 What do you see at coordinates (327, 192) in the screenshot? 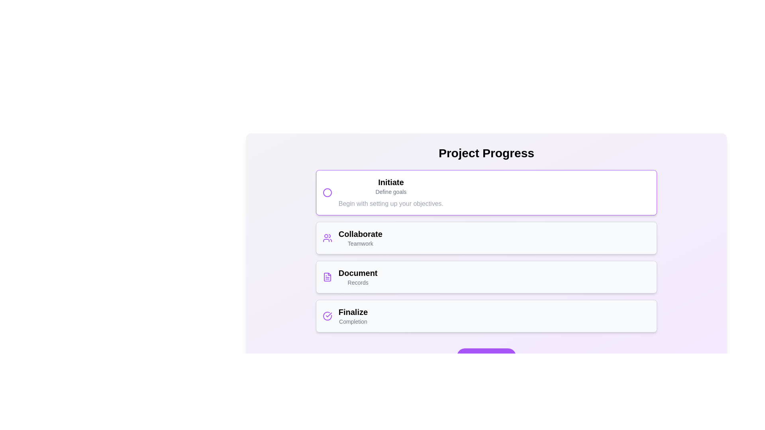
I see `the decorative icon representing the title 'Initiate' located at the leftmost side of the card` at bounding box center [327, 192].